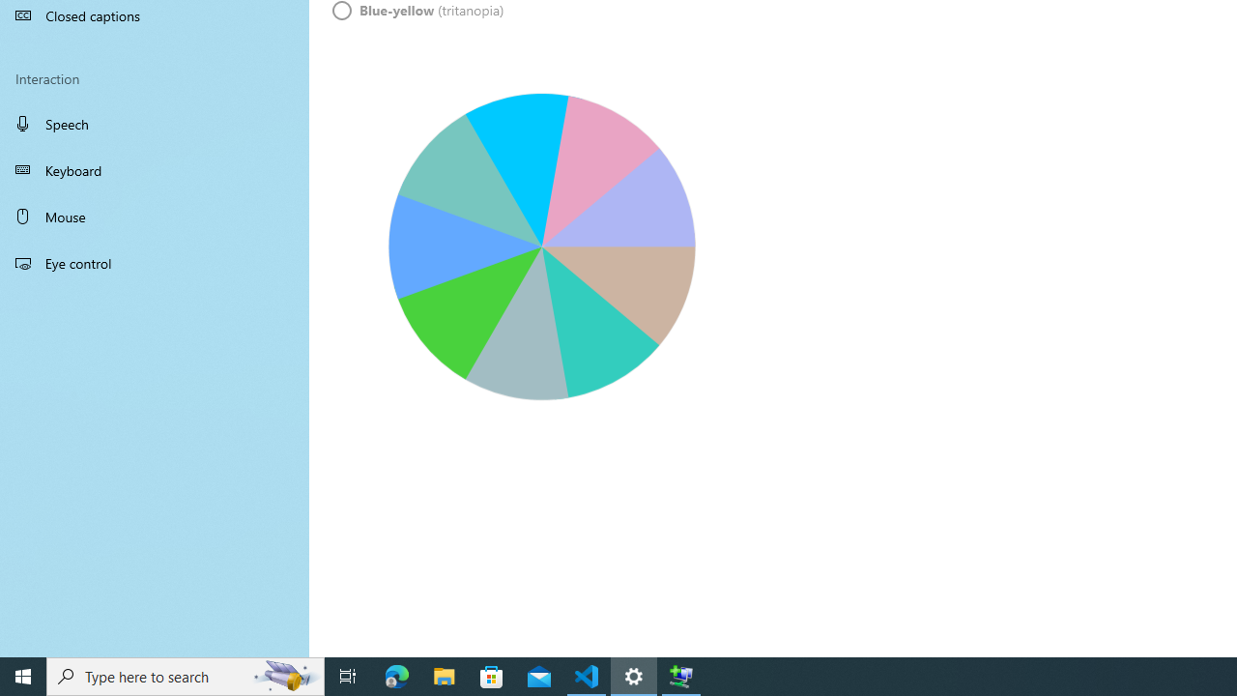 Image resolution: width=1237 pixels, height=696 pixels. Describe the element at coordinates (155, 262) in the screenshot. I see `'Eye control'` at that location.